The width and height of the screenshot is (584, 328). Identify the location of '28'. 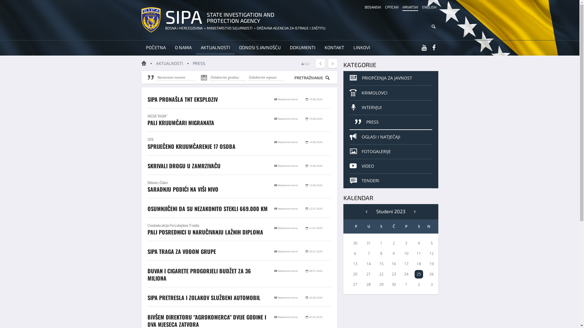
(368, 284).